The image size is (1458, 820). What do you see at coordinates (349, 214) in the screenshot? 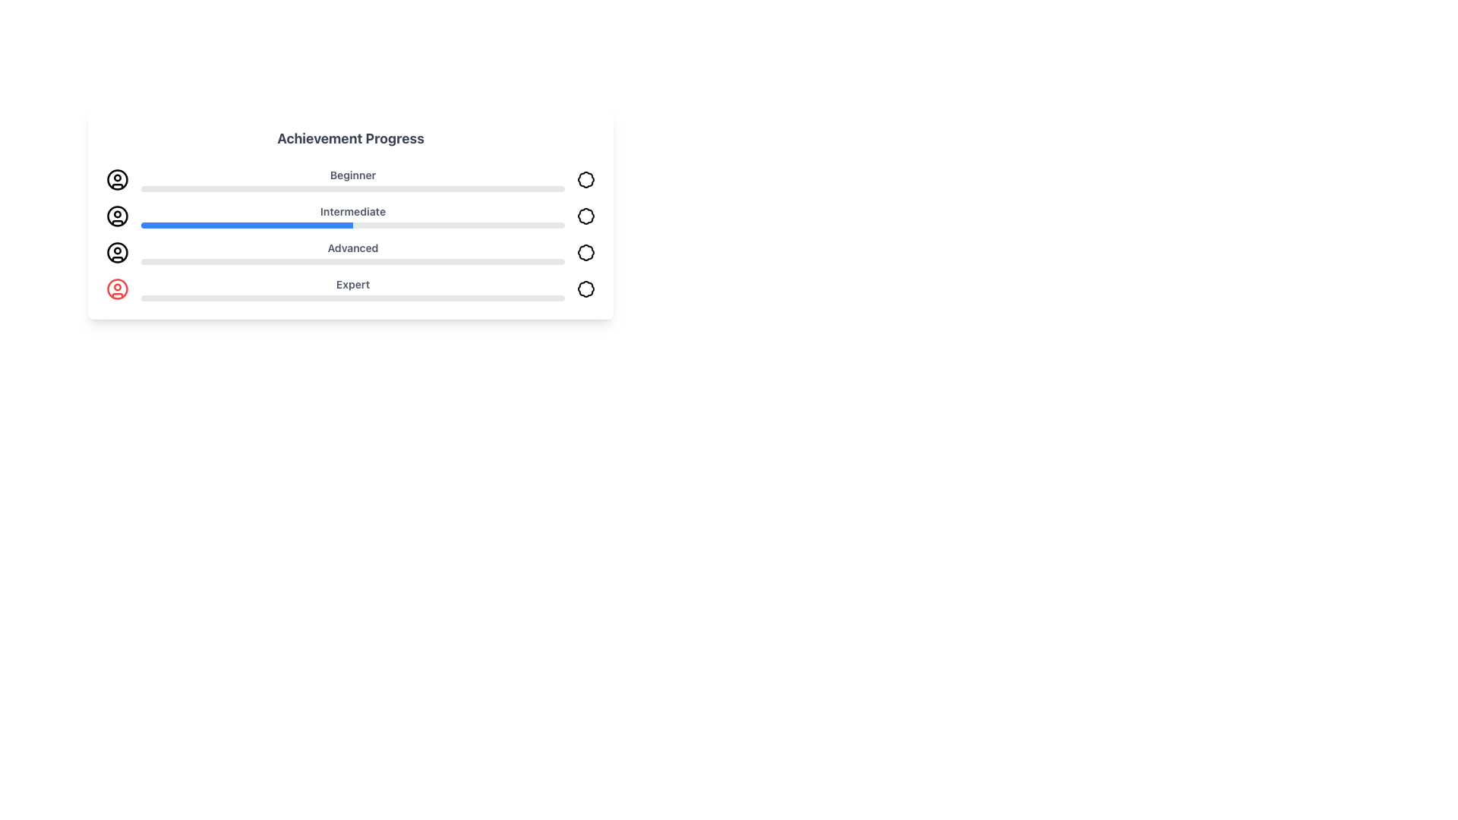
I see `the 'Intermediate' Progress Indicator, which is the second progress bar in the list, indicating 50% achievement level` at bounding box center [349, 214].